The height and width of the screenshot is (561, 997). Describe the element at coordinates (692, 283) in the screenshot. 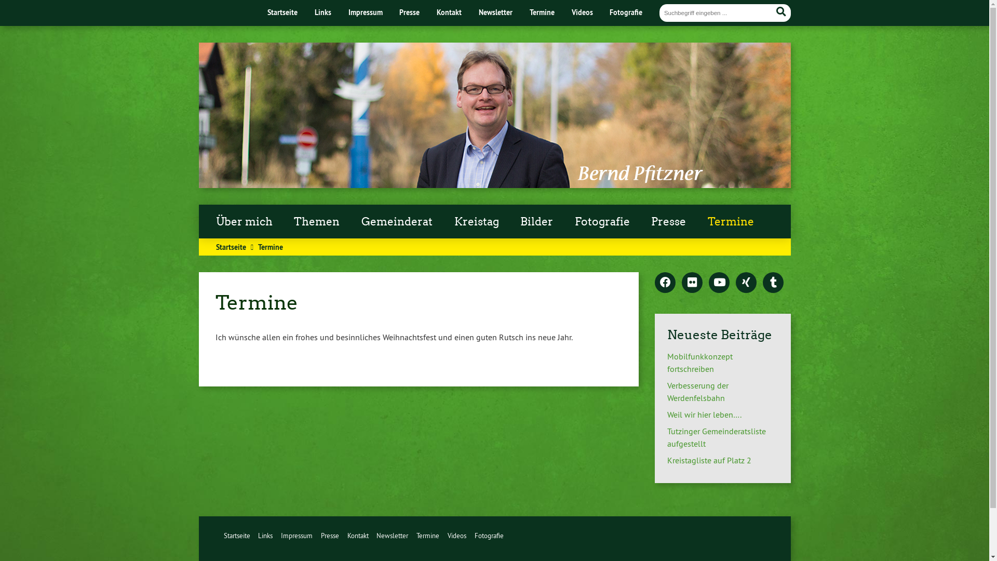

I see `'Flickr'` at that location.